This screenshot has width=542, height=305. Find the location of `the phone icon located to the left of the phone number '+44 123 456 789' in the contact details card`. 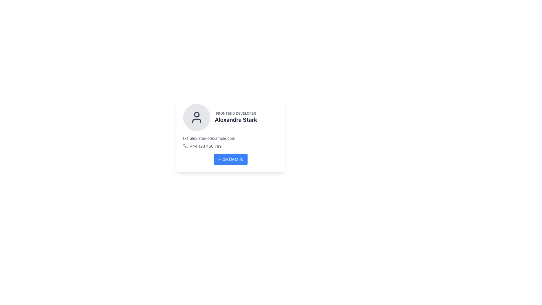

the phone icon located to the left of the phone number '+44 123 456 789' in the contact details card is located at coordinates (185, 146).